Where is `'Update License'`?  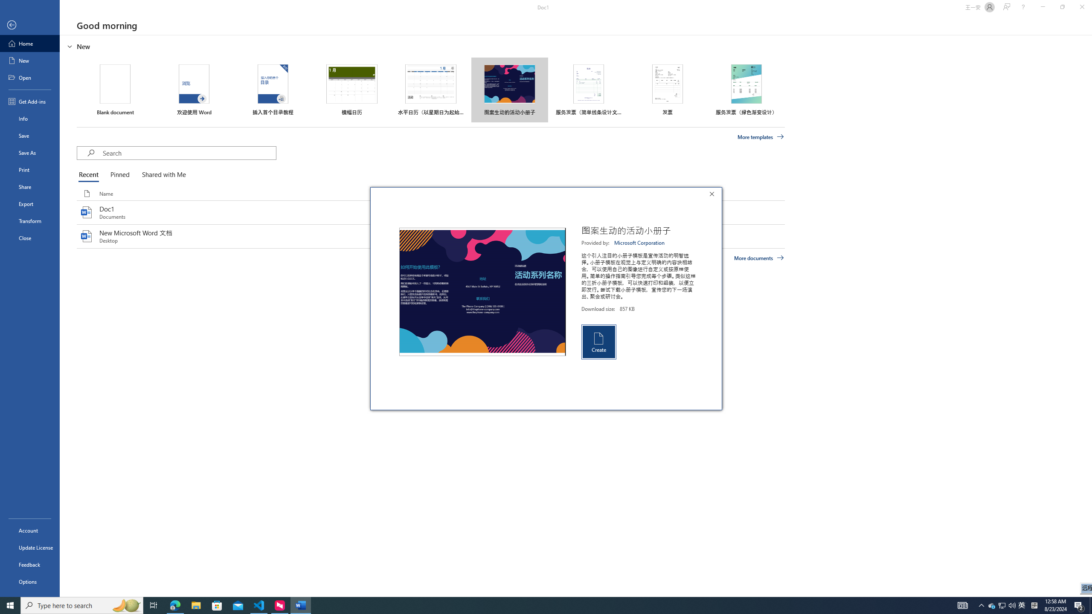
'Update License' is located at coordinates (29, 547).